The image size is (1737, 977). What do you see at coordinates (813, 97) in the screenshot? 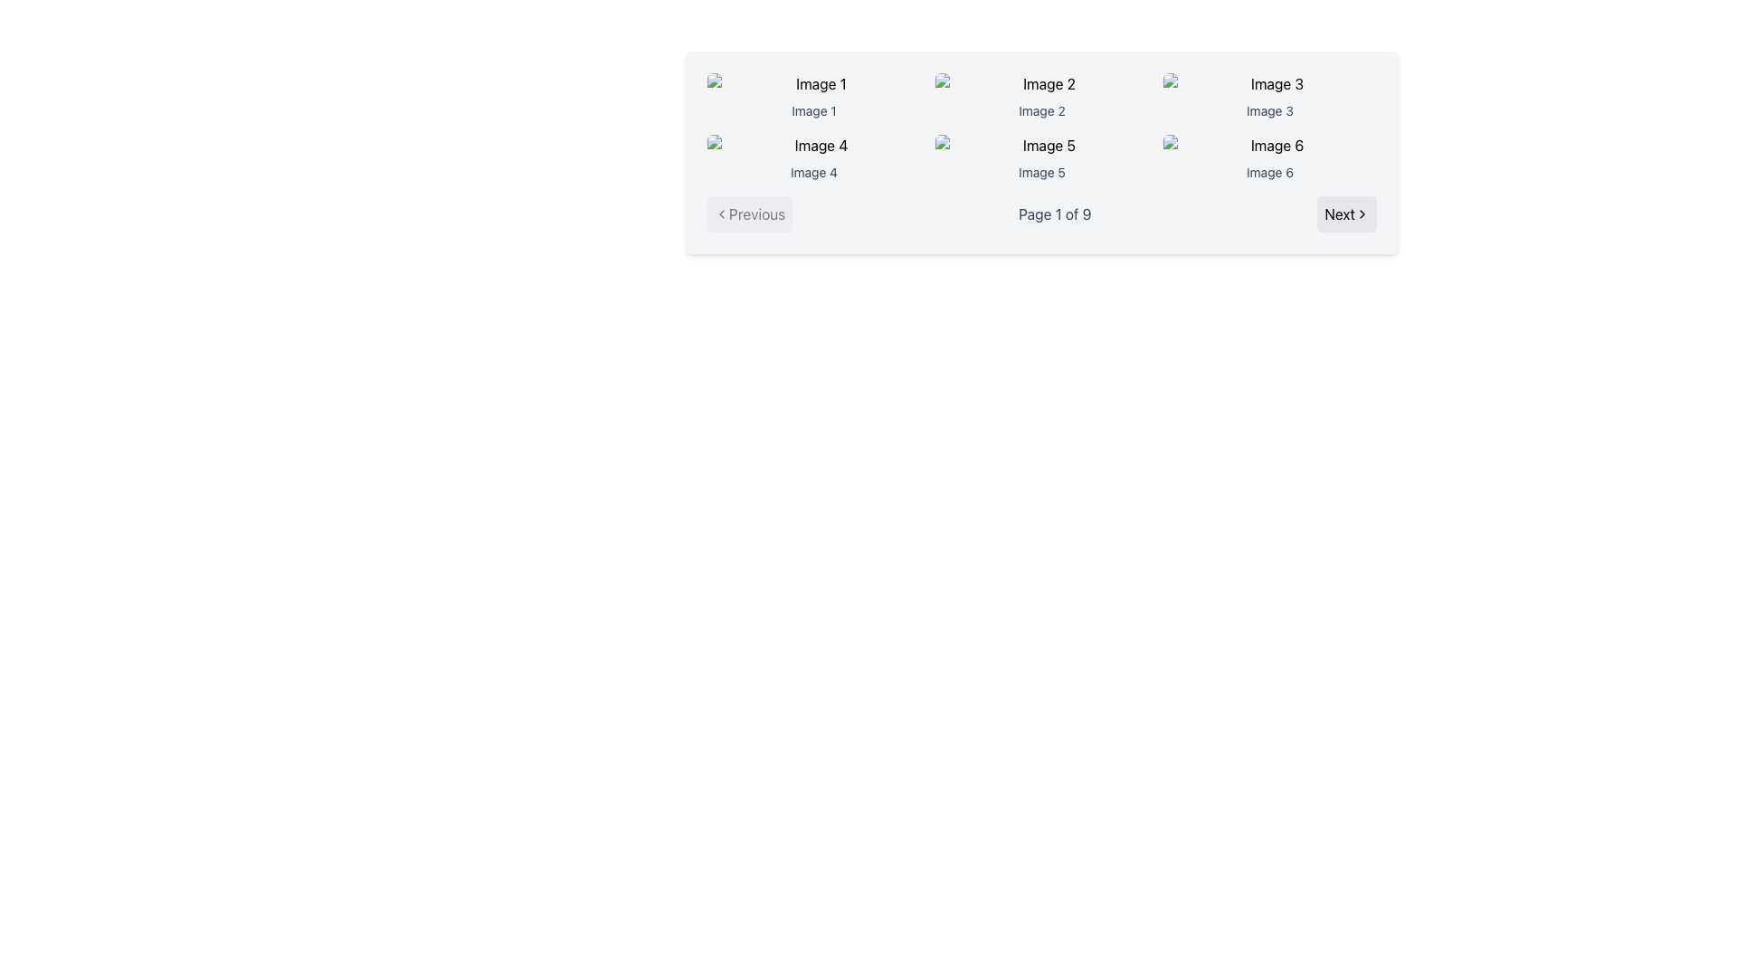
I see `the Image Cell, which features a thumbnail image with rounded corners and a caption reading 'Image 1', positioned in the top-left of a grid layout` at bounding box center [813, 97].